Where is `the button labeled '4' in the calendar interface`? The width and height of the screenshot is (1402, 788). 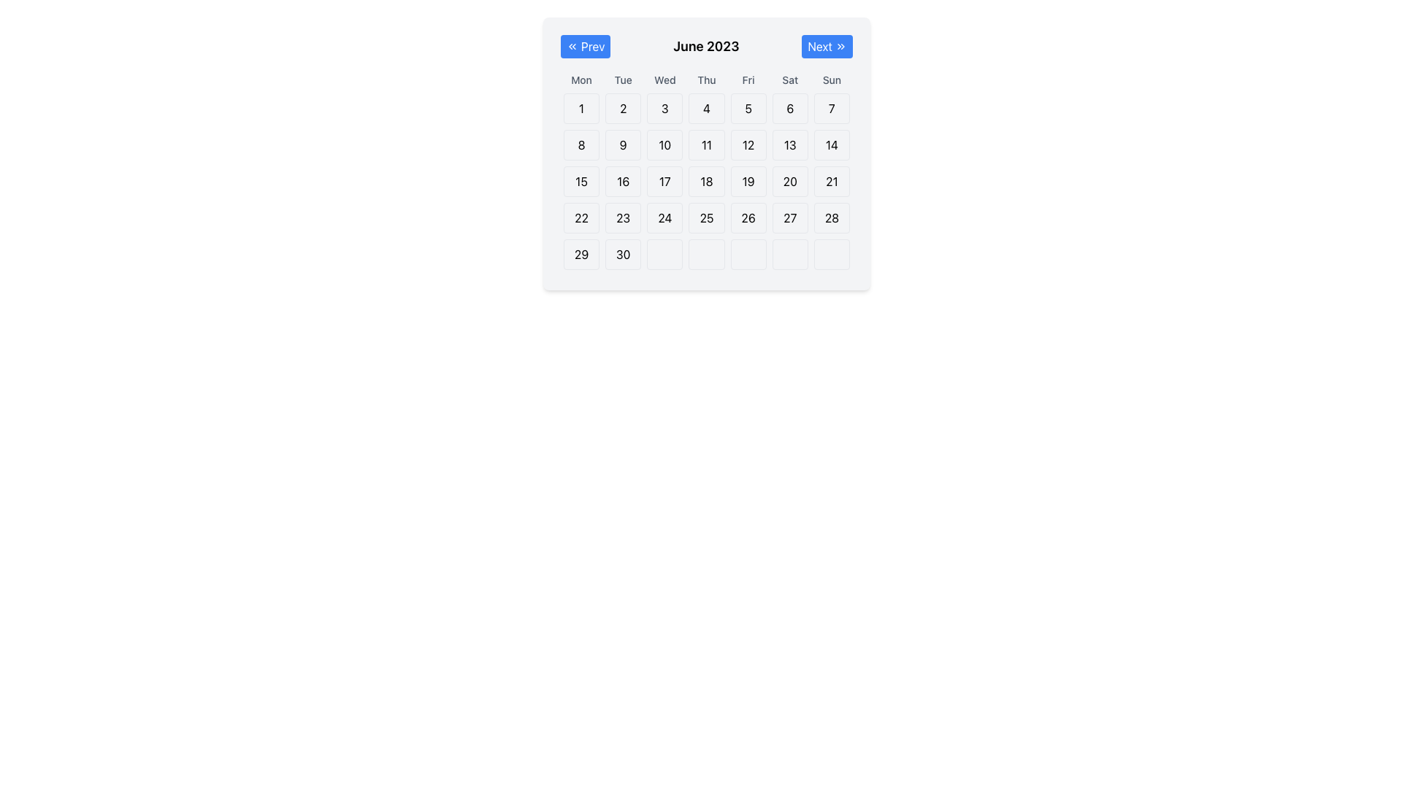 the button labeled '4' in the calendar interface is located at coordinates (707, 108).